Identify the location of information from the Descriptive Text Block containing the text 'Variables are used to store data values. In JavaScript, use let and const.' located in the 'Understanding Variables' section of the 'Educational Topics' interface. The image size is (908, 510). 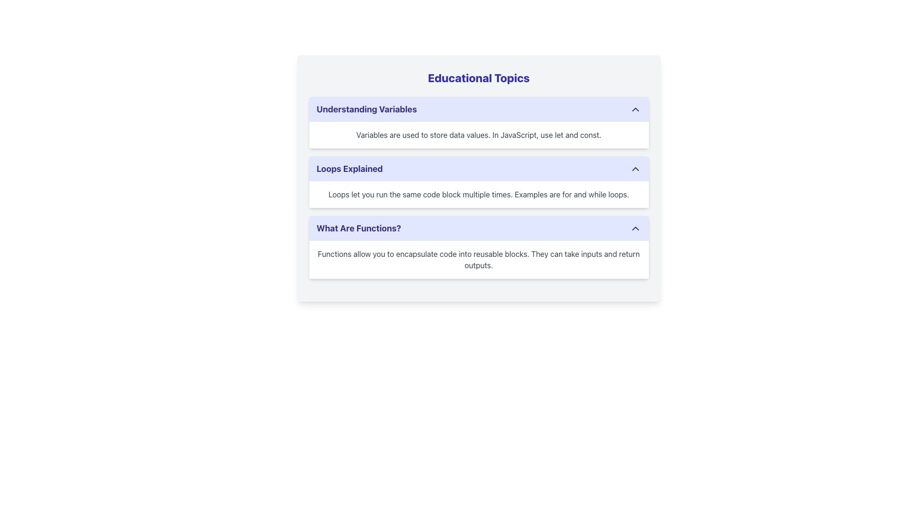
(479, 135).